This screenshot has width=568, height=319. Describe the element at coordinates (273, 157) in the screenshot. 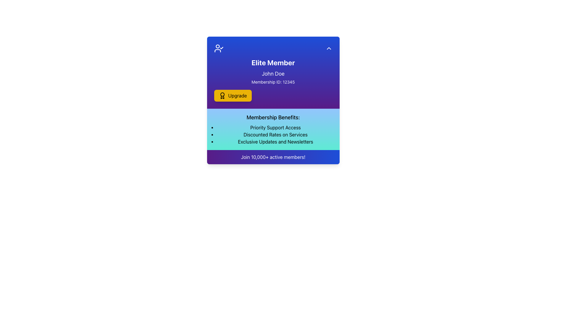

I see `text displayed in the full-width text field that contains the message 'Join 10,000+ active members!' which is styled with white text on a gradient background` at that location.